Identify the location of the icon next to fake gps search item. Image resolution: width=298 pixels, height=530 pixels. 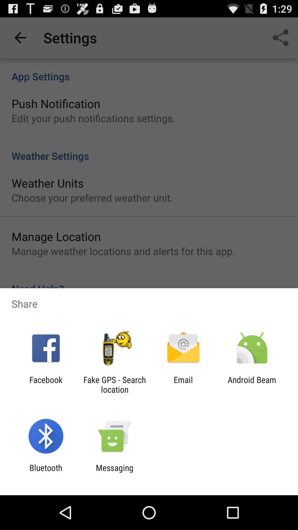
(46, 384).